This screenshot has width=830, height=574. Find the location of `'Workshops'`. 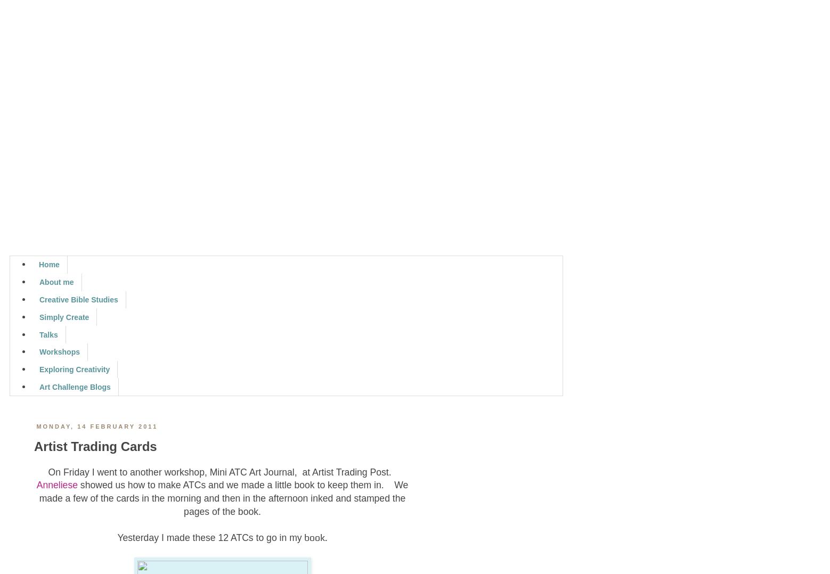

'Workshops' is located at coordinates (59, 352).